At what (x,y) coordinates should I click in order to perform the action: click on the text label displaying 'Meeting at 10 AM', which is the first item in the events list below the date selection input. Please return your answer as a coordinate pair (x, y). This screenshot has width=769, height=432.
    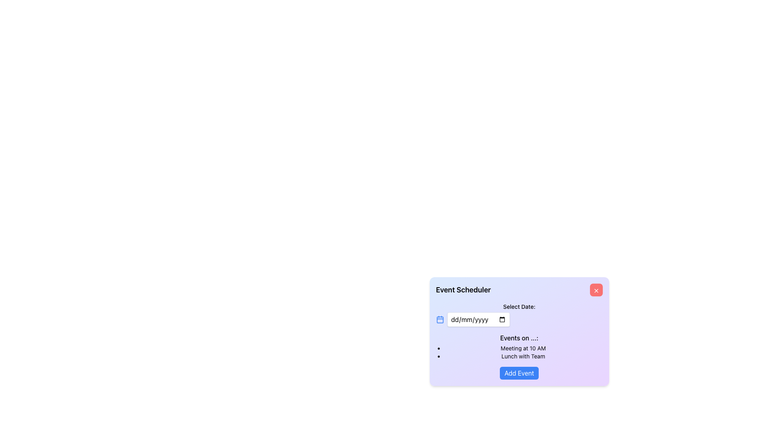
    Looking at the image, I should click on (523, 348).